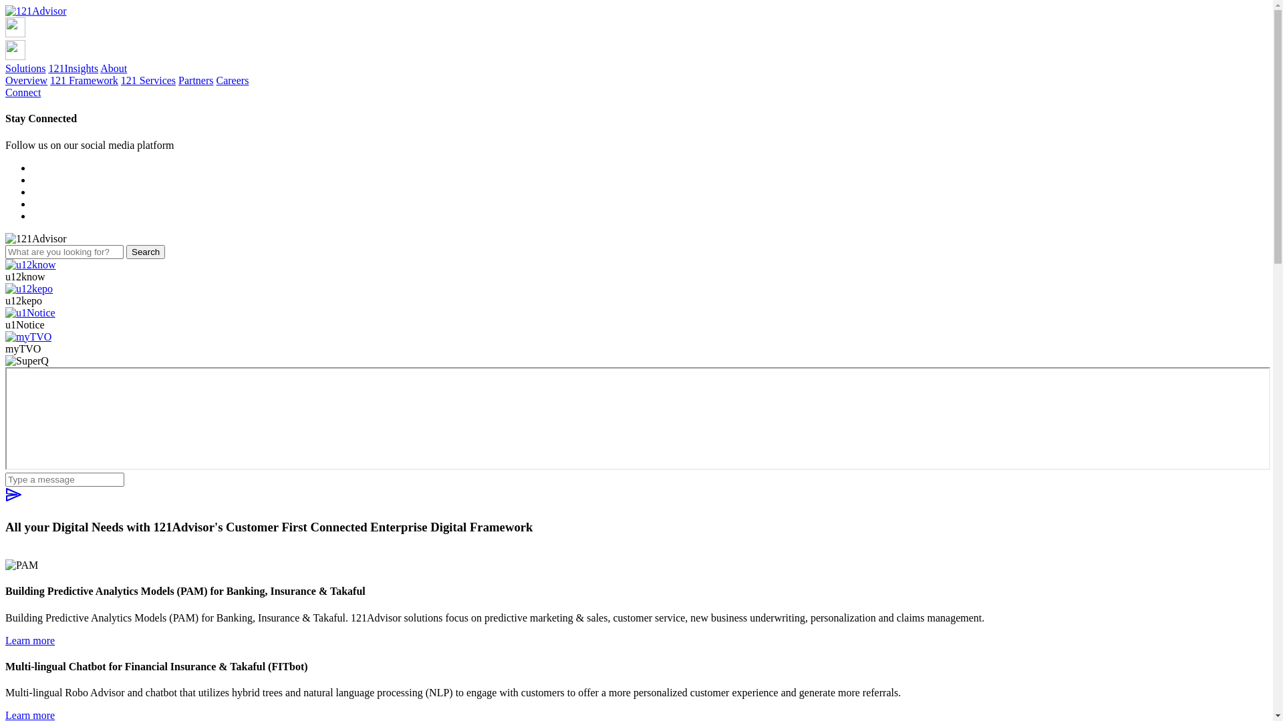 This screenshot has width=1283, height=721. What do you see at coordinates (113, 68) in the screenshot?
I see `'About'` at bounding box center [113, 68].